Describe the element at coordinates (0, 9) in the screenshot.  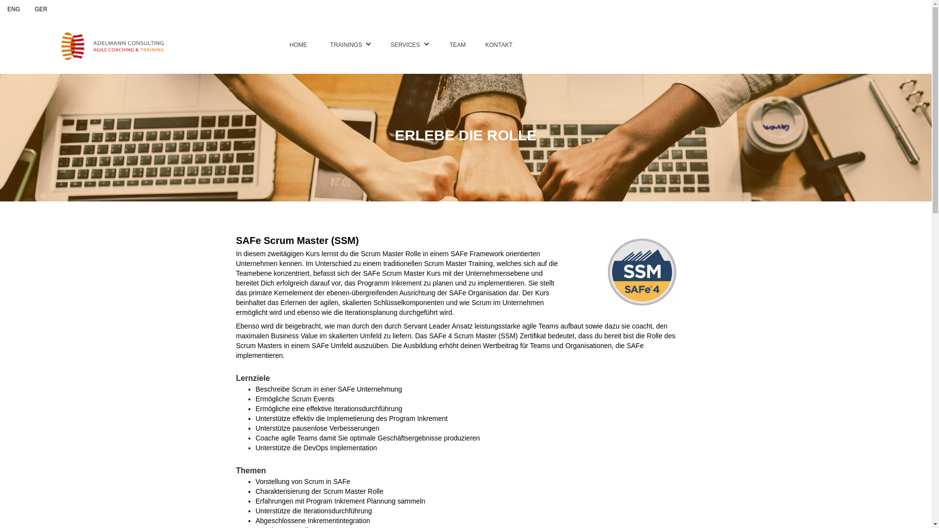
I see `'ENG'` at that location.